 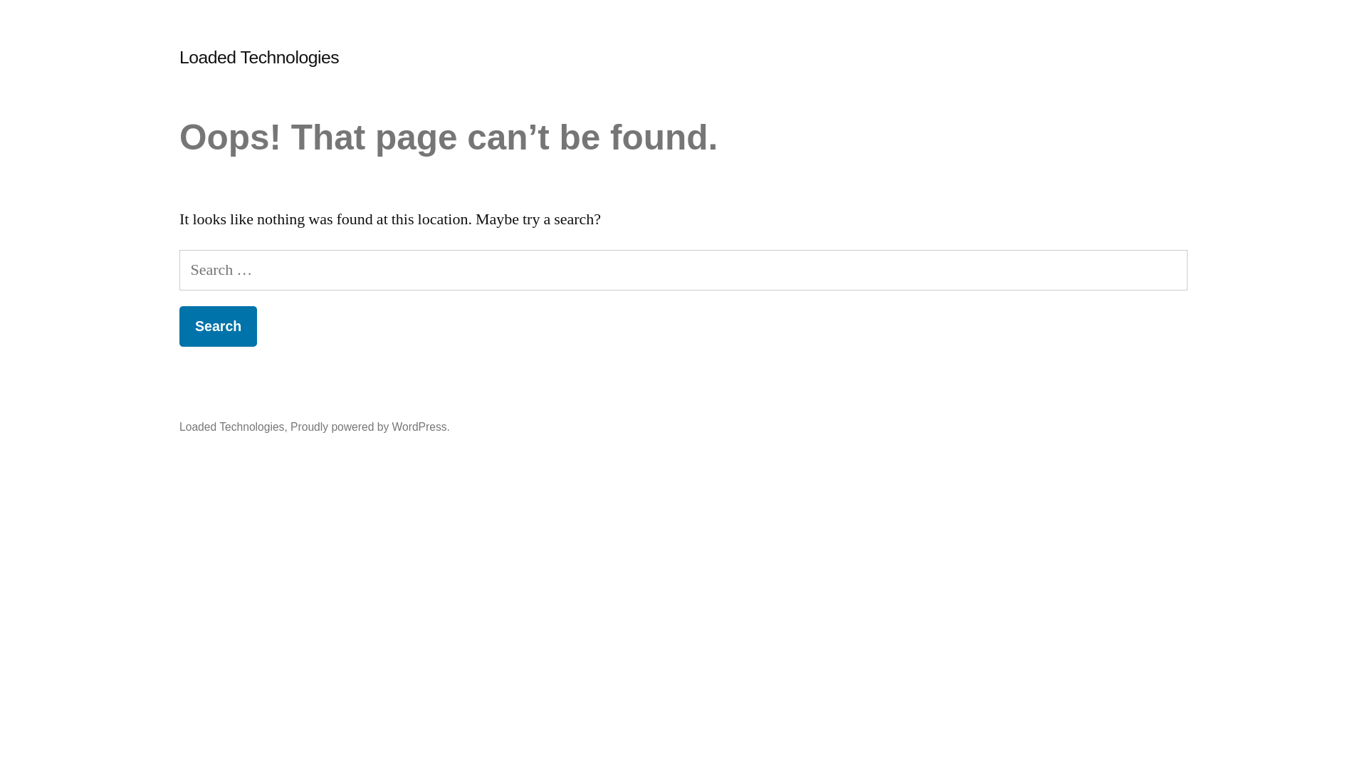 What do you see at coordinates (217, 326) in the screenshot?
I see `'Search'` at bounding box center [217, 326].